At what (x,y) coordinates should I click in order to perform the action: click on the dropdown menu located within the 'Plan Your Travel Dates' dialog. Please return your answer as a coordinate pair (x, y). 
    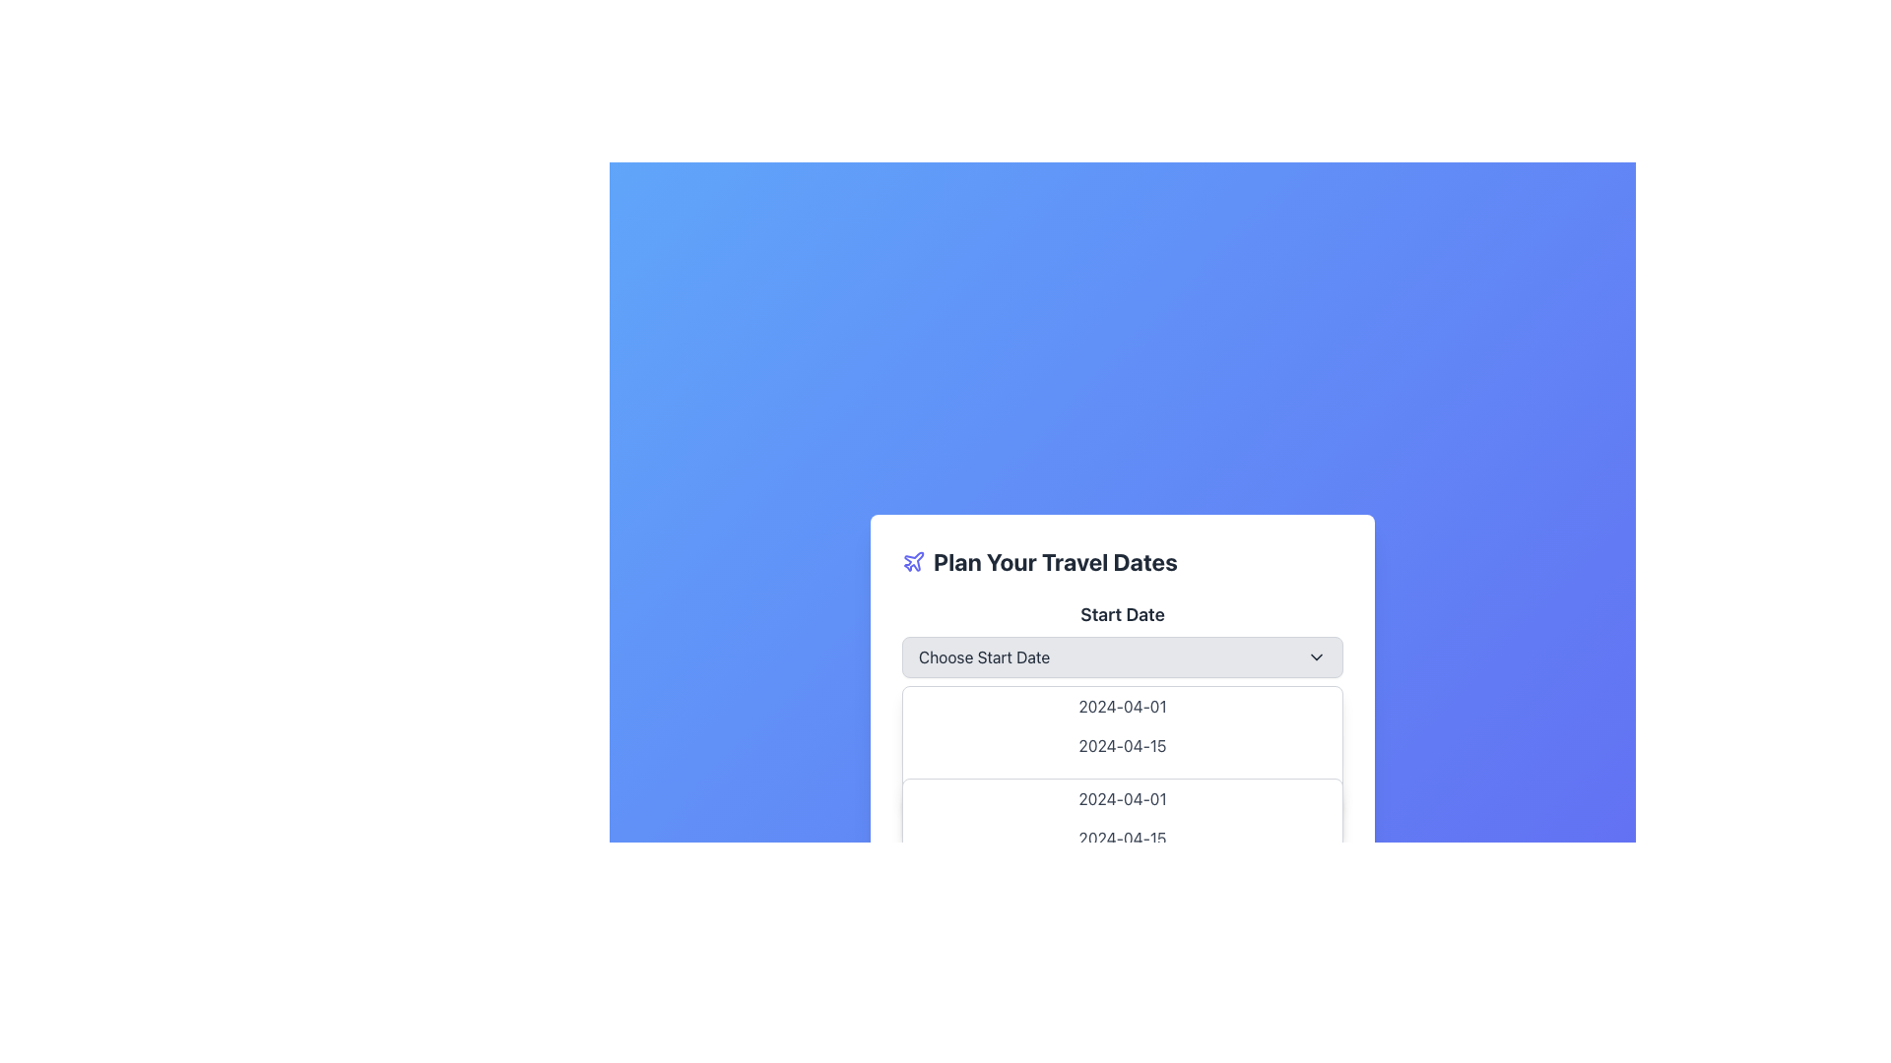
    Looking at the image, I should click on (1123, 640).